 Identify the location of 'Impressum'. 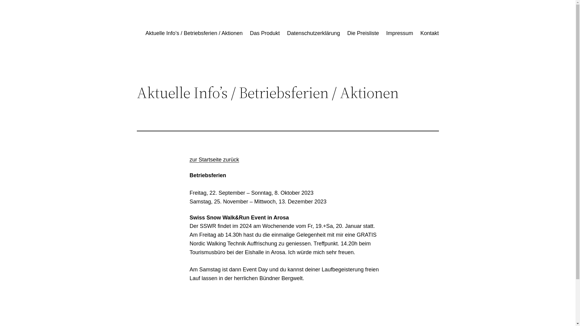
(399, 33).